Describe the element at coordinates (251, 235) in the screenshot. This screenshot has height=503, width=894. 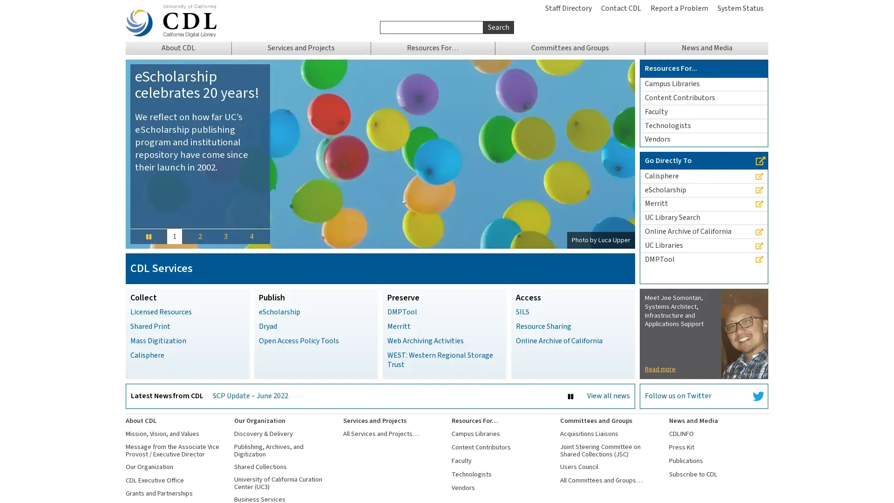
I see `go to slide 4 of 4` at that location.